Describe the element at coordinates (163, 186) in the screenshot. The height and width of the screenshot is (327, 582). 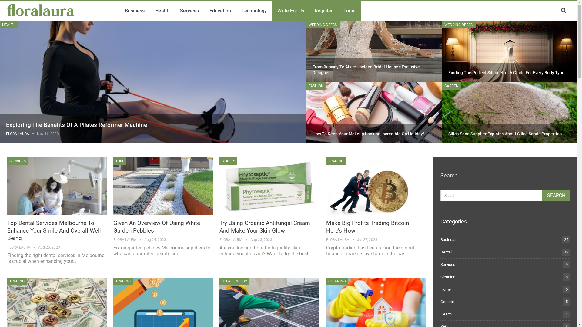
I see `'Given An Overview Of Using White Garden Pebbles'` at that location.